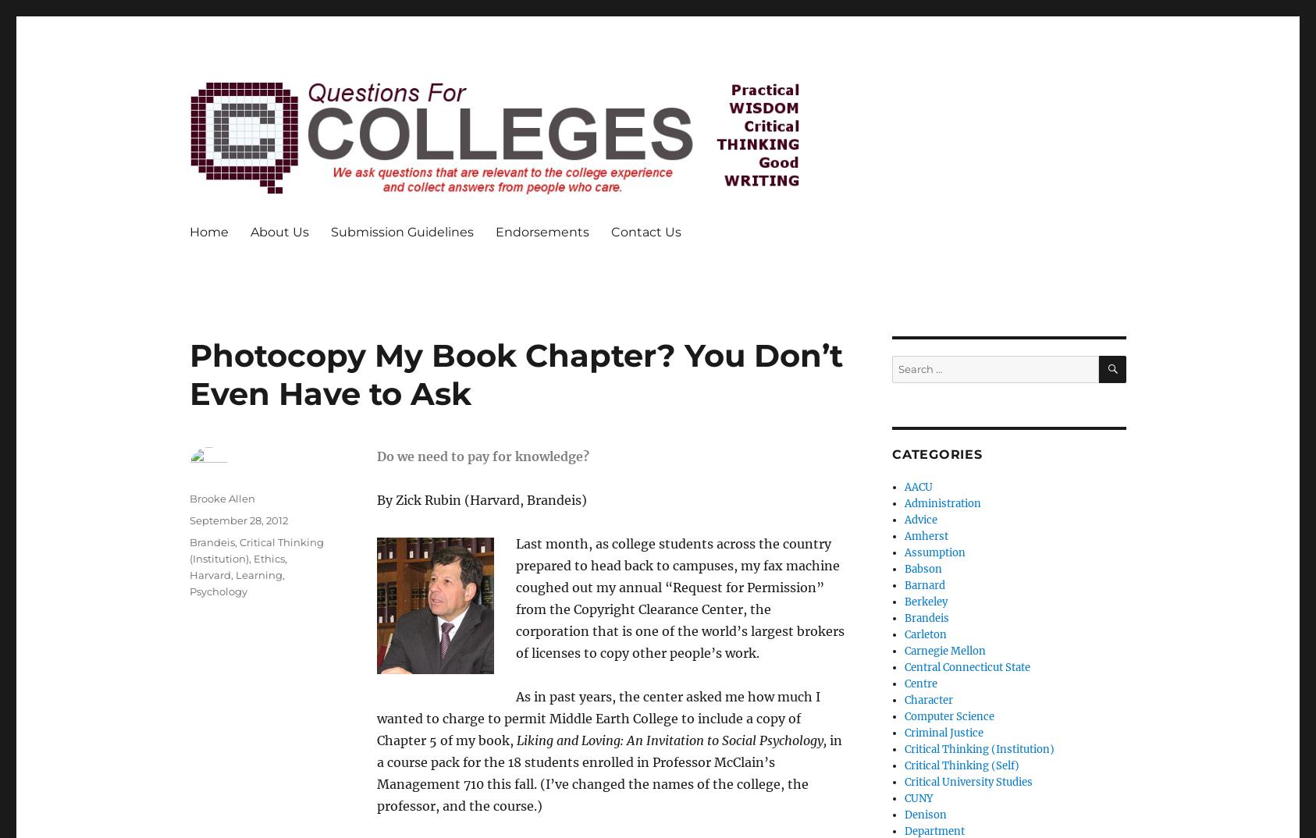 This screenshot has height=838, width=1316. I want to click on 'Photocopy My Book Chapter? You Don’t Even Have to Ask', so click(189, 373).